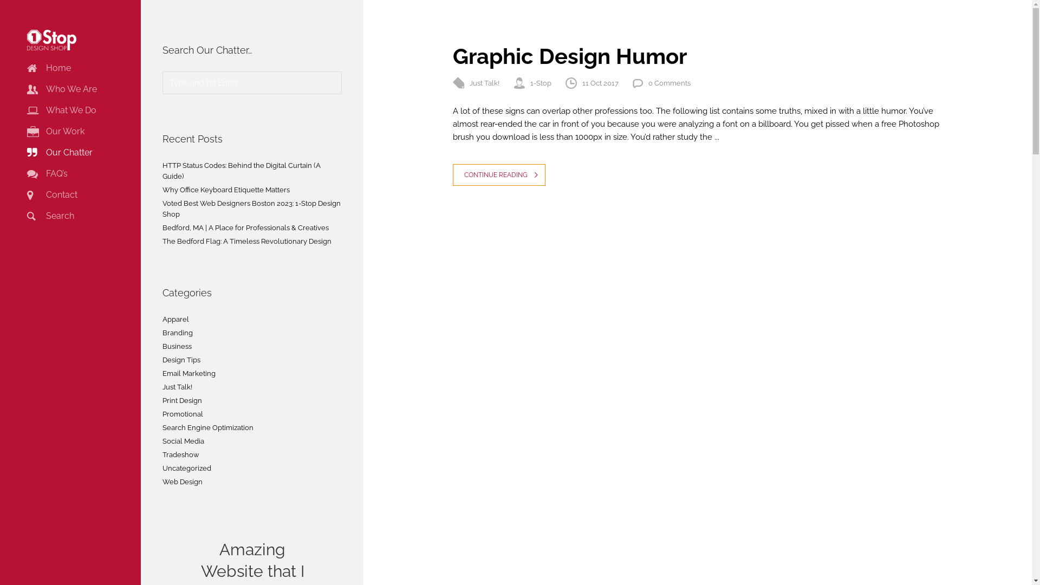 This screenshot has width=1040, height=585. Describe the element at coordinates (187, 467) in the screenshot. I see `'Uncategorized'` at that location.